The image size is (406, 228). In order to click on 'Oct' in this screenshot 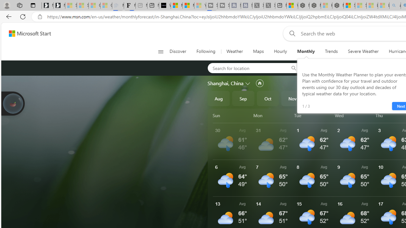, I will do `click(268, 98)`.